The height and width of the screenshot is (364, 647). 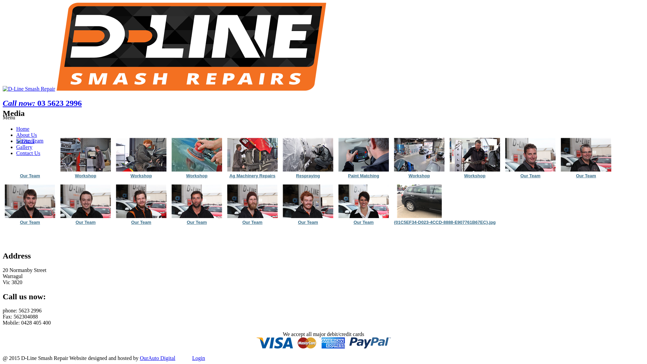 What do you see at coordinates (157, 358) in the screenshot?
I see `'OurAuto Digital'` at bounding box center [157, 358].